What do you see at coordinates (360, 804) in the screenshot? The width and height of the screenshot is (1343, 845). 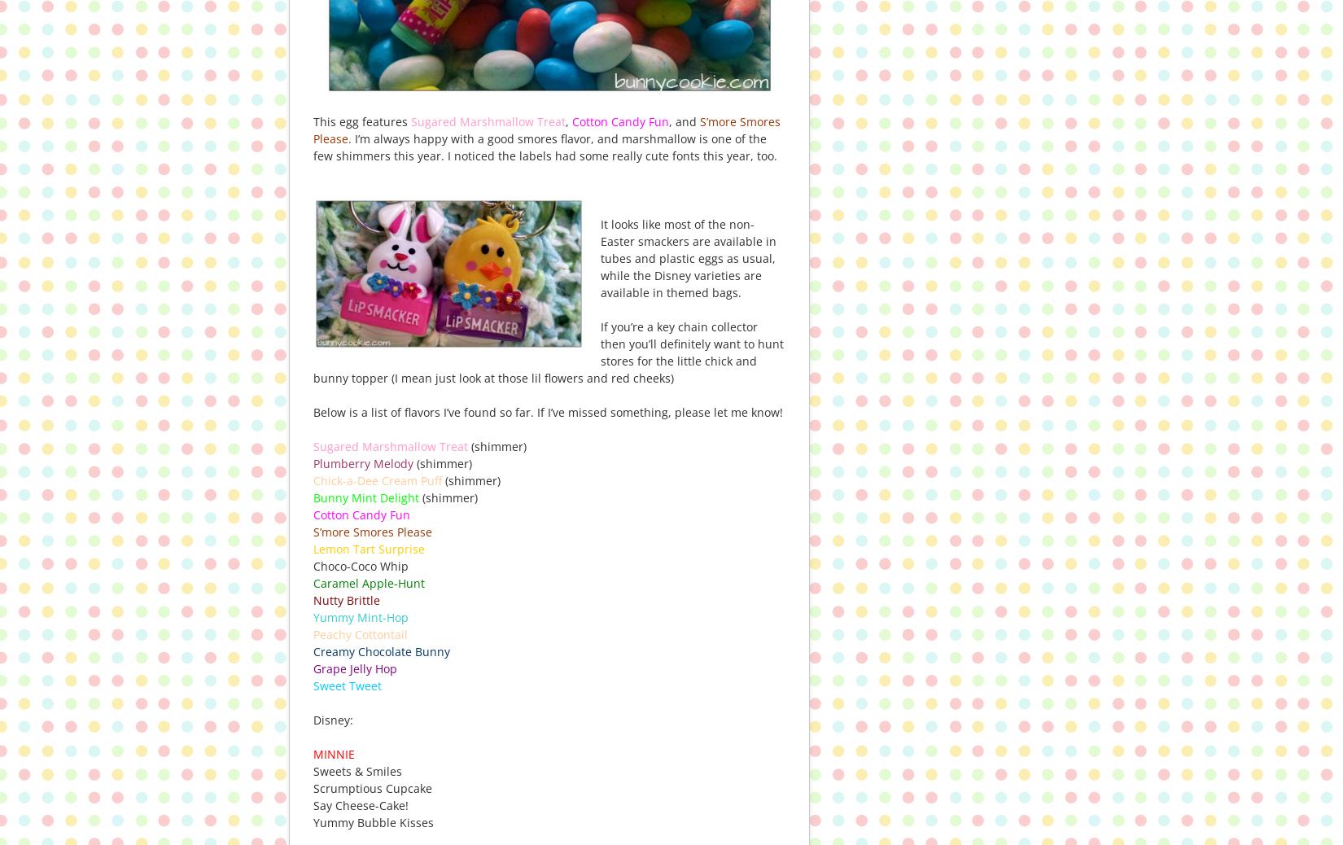 I see `'Say Cheese-Cake!'` at bounding box center [360, 804].